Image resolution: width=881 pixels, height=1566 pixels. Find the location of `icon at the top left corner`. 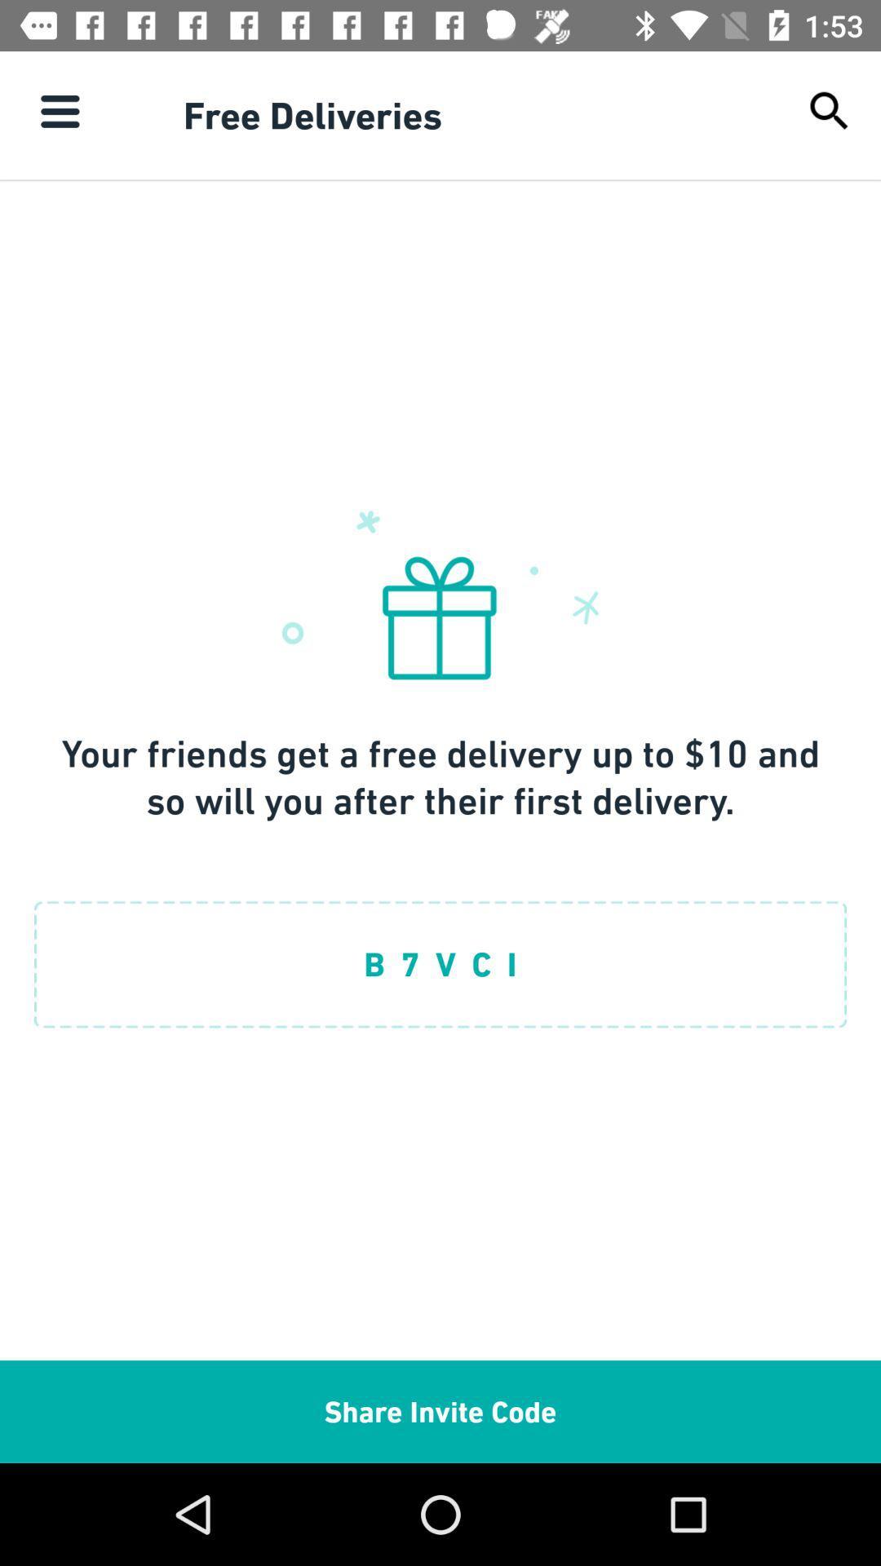

icon at the top left corner is located at coordinates (59, 110).